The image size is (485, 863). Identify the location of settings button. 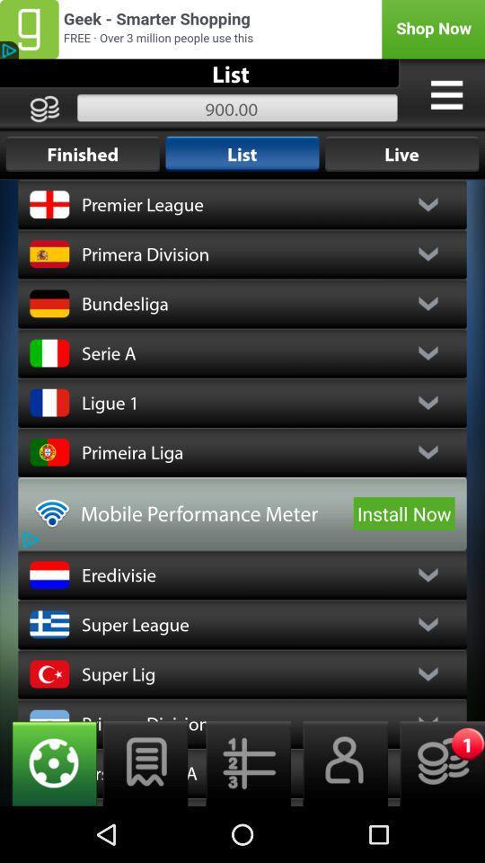
(48, 762).